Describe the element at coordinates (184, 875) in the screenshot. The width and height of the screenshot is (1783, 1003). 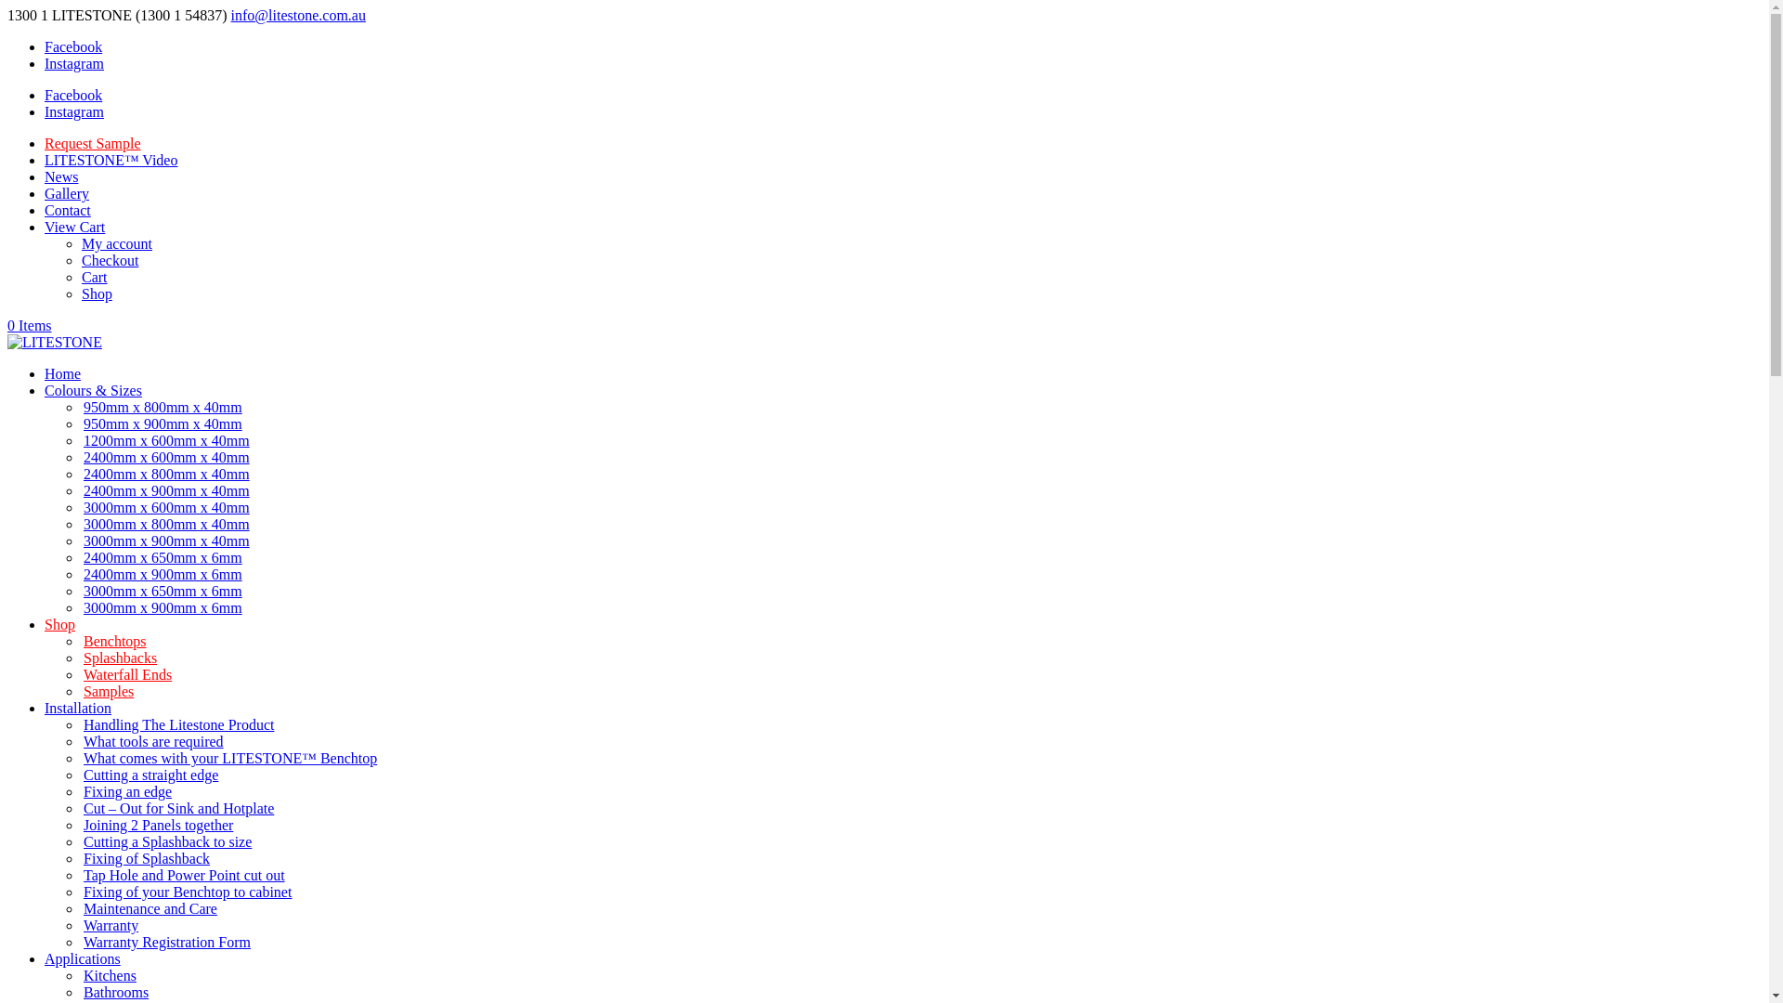
I see `'Tap Hole and Power Point cut out'` at that location.